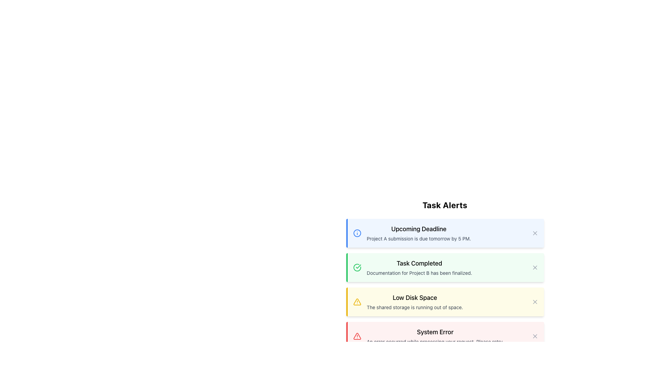 This screenshot has height=371, width=659. Describe the element at coordinates (446, 267) in the screenshot. I see `the Notification Card indicating that the task related to documentation for Project B has been successfully completed, which is the second card in the list of notifications` at that location.